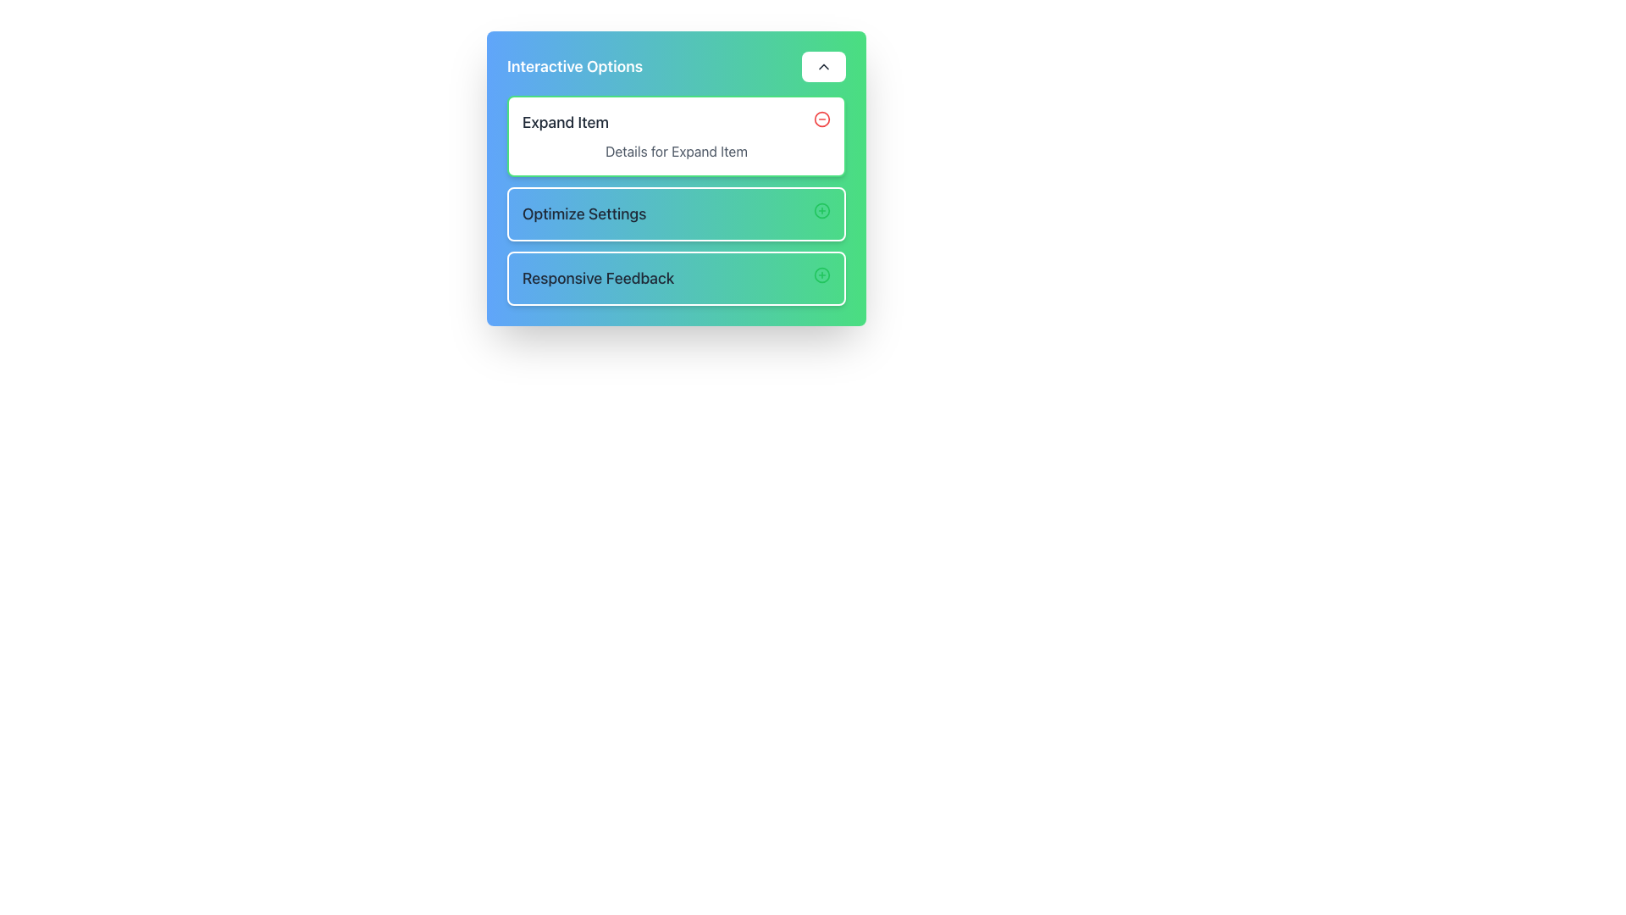 The width and height of the screenshot is (1626, 915). What do you see at coordinates (584, 213) in the screenshot?
I see `the 'Optimize Settings' static text element, which is displayed in a bold, medium-sized font on a green and blue gradient background, positioned between 'Expand Item' and 'Responsive Feedback'` at bounding box center [584, 213].